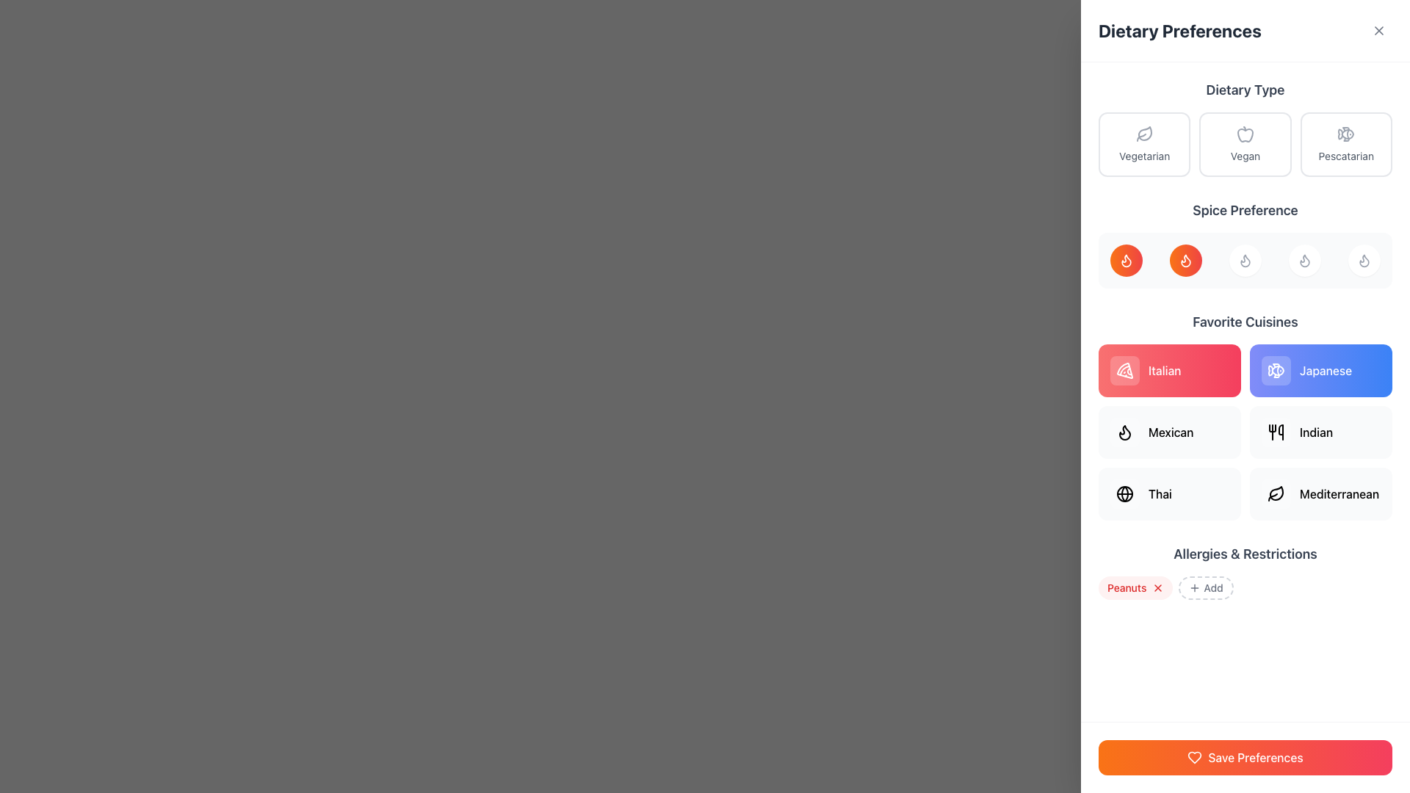 The width and height of the screenshot is (1410, 793). Describe the element at coordinates (1244, 135) in the screenshot. I see `the Vegan dietary preference icon located in the right-hand side panel under the 'Dietary Preferences' section` at that location.